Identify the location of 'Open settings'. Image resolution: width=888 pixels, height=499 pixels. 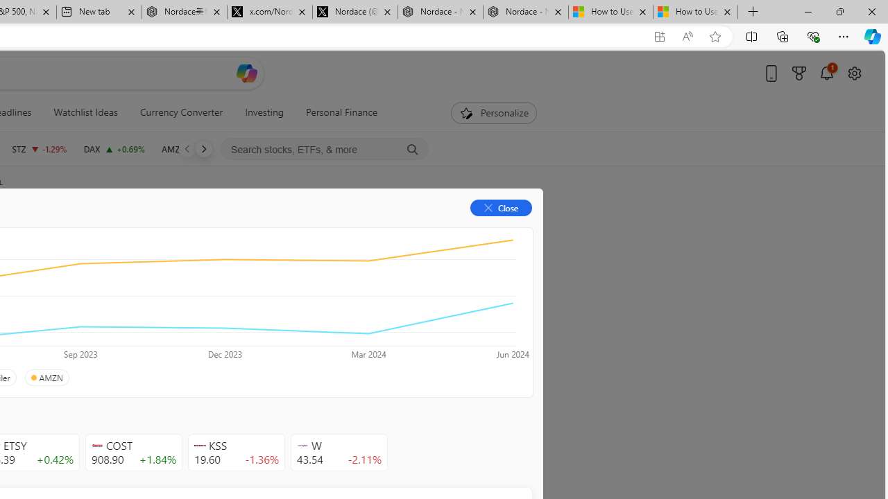
(854, 73).